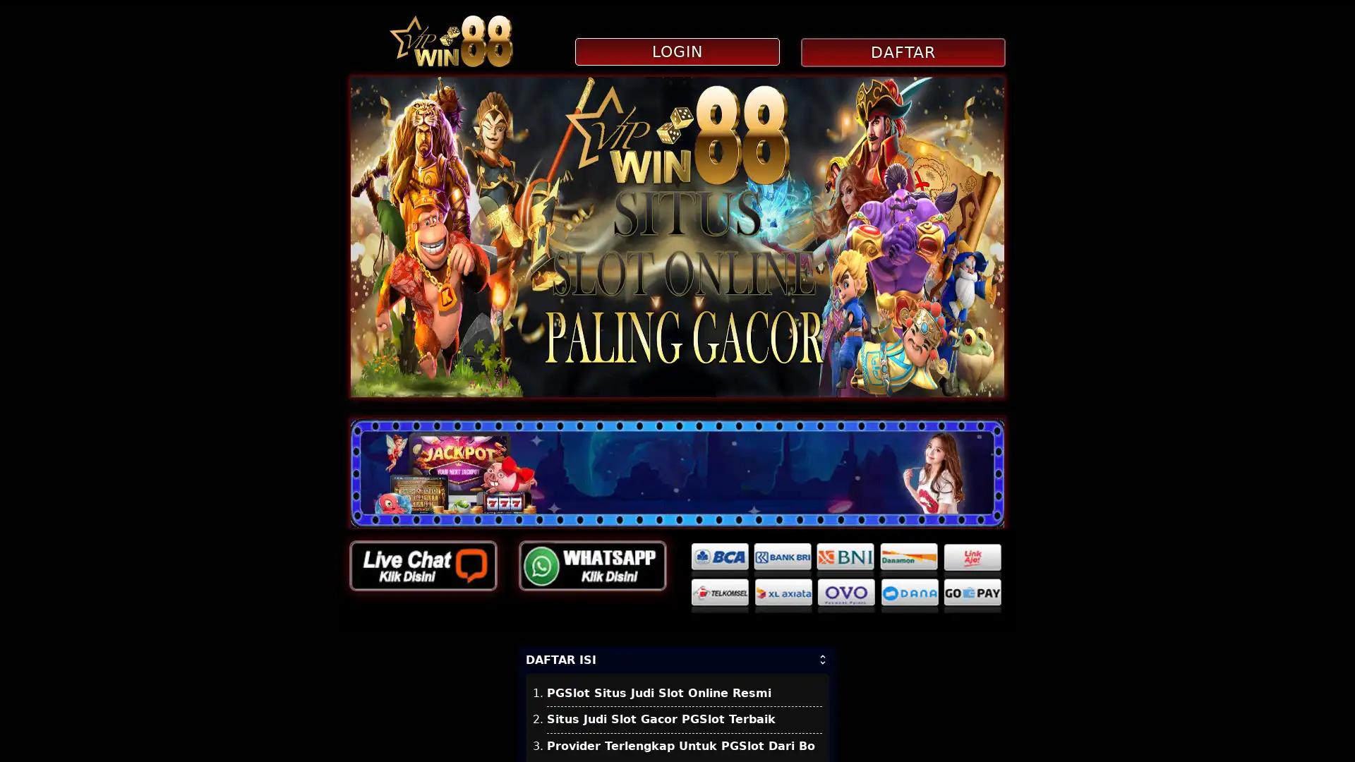  Describe the element at coordinates (676, 51) in the screenshot. I see `LOGIN` at that location.